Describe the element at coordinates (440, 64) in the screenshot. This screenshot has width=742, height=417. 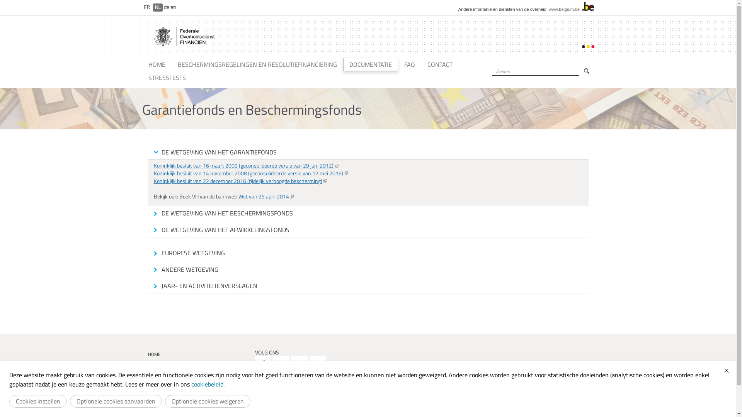
I see `'CONTACT'` at that location.